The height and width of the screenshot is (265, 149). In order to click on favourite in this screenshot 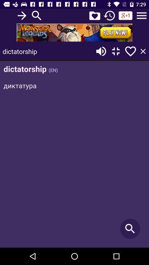, I will do `click(94, 15)`.